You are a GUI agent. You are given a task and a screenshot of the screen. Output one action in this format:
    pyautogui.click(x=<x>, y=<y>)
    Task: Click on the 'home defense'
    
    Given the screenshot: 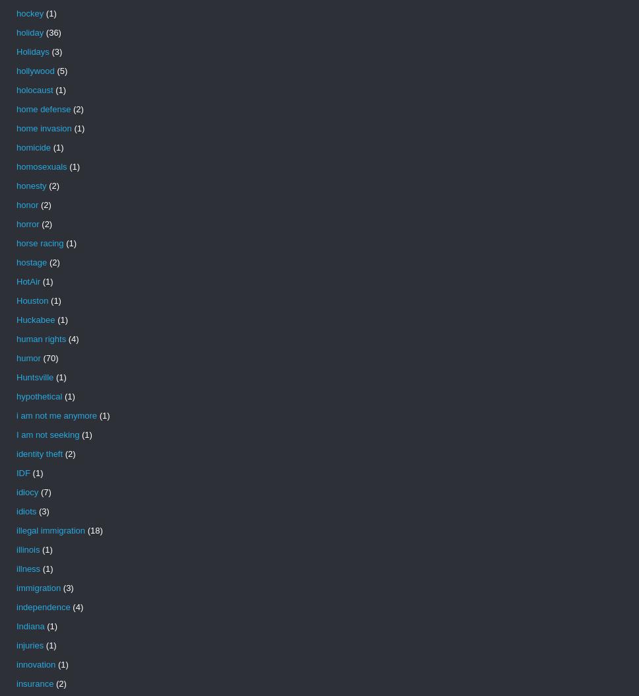 What is the action you would take?
    pyautogui.click(x=16, y=108)
    